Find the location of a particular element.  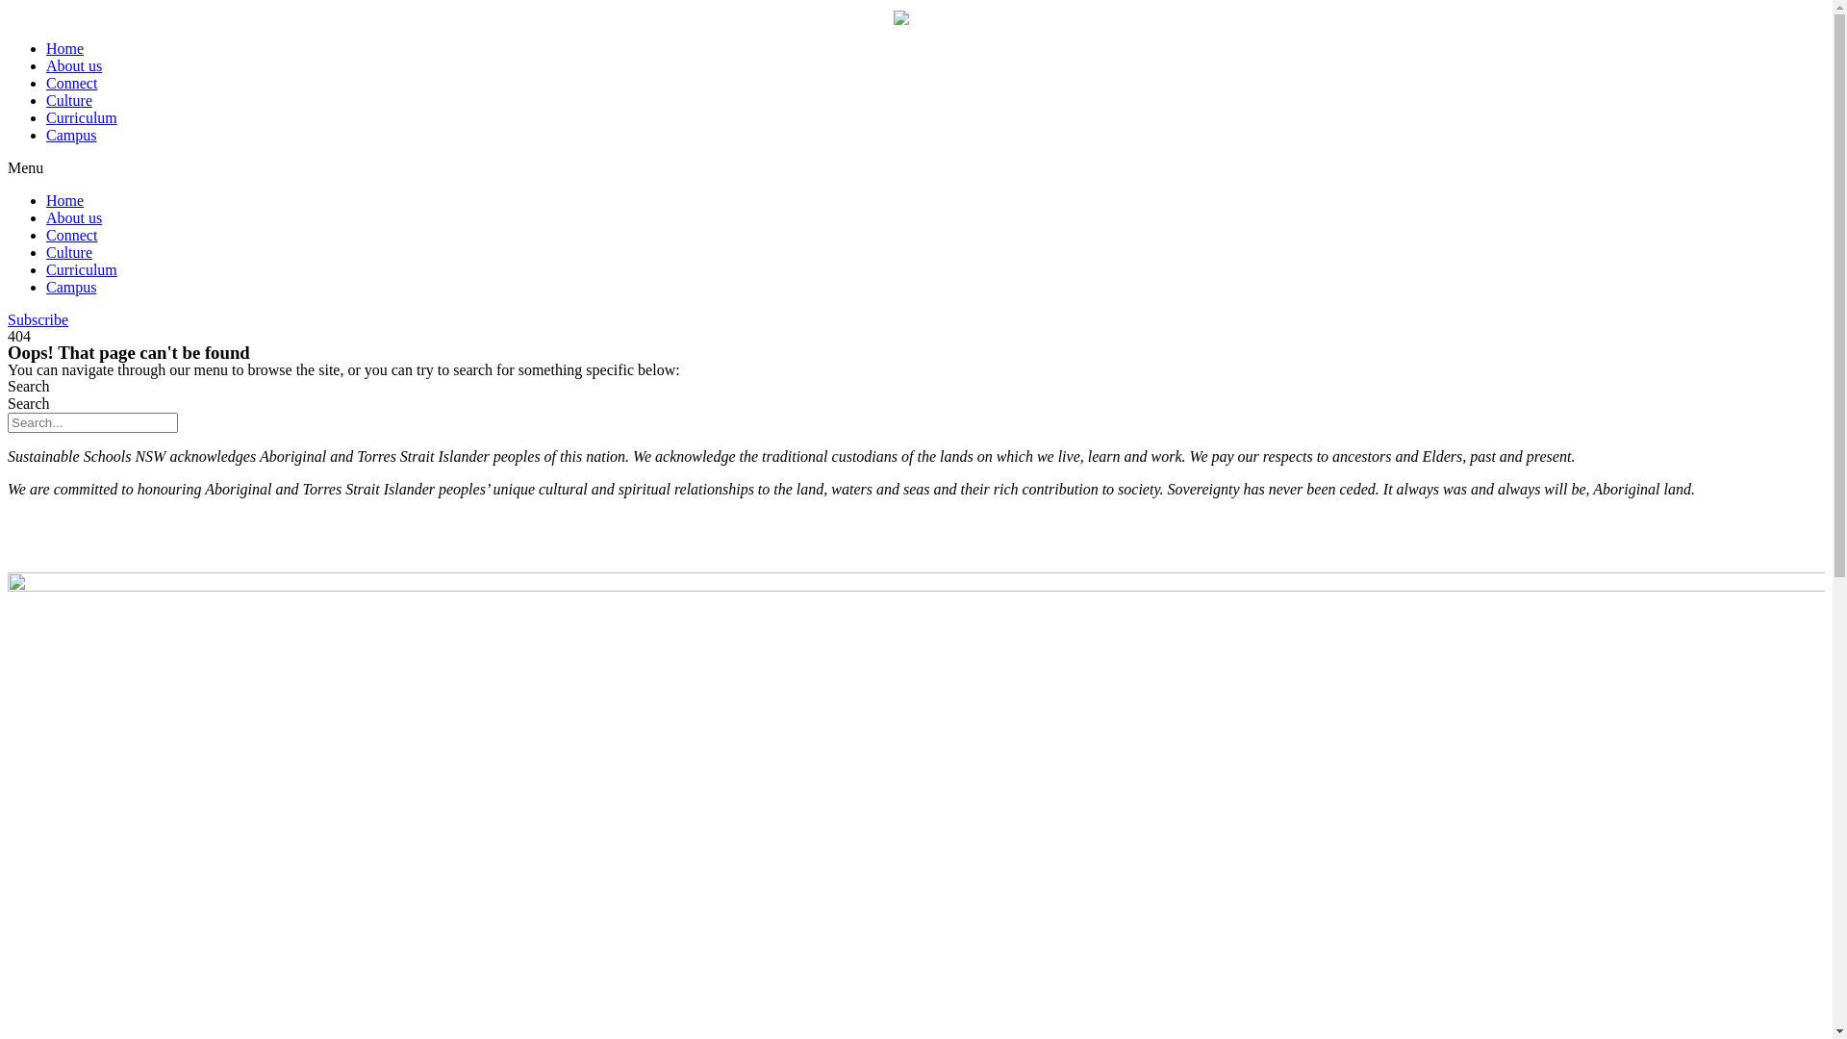

'About us' is located at coordinates (73, 216).